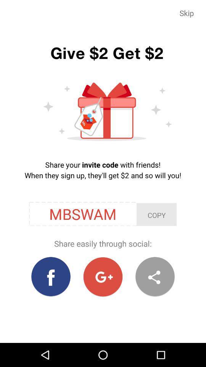 This screenshot has width=206, height=367. Describe the element at coordinates (156, 214) in the screenshot. I see `the icon above share easily through icon` at that location.